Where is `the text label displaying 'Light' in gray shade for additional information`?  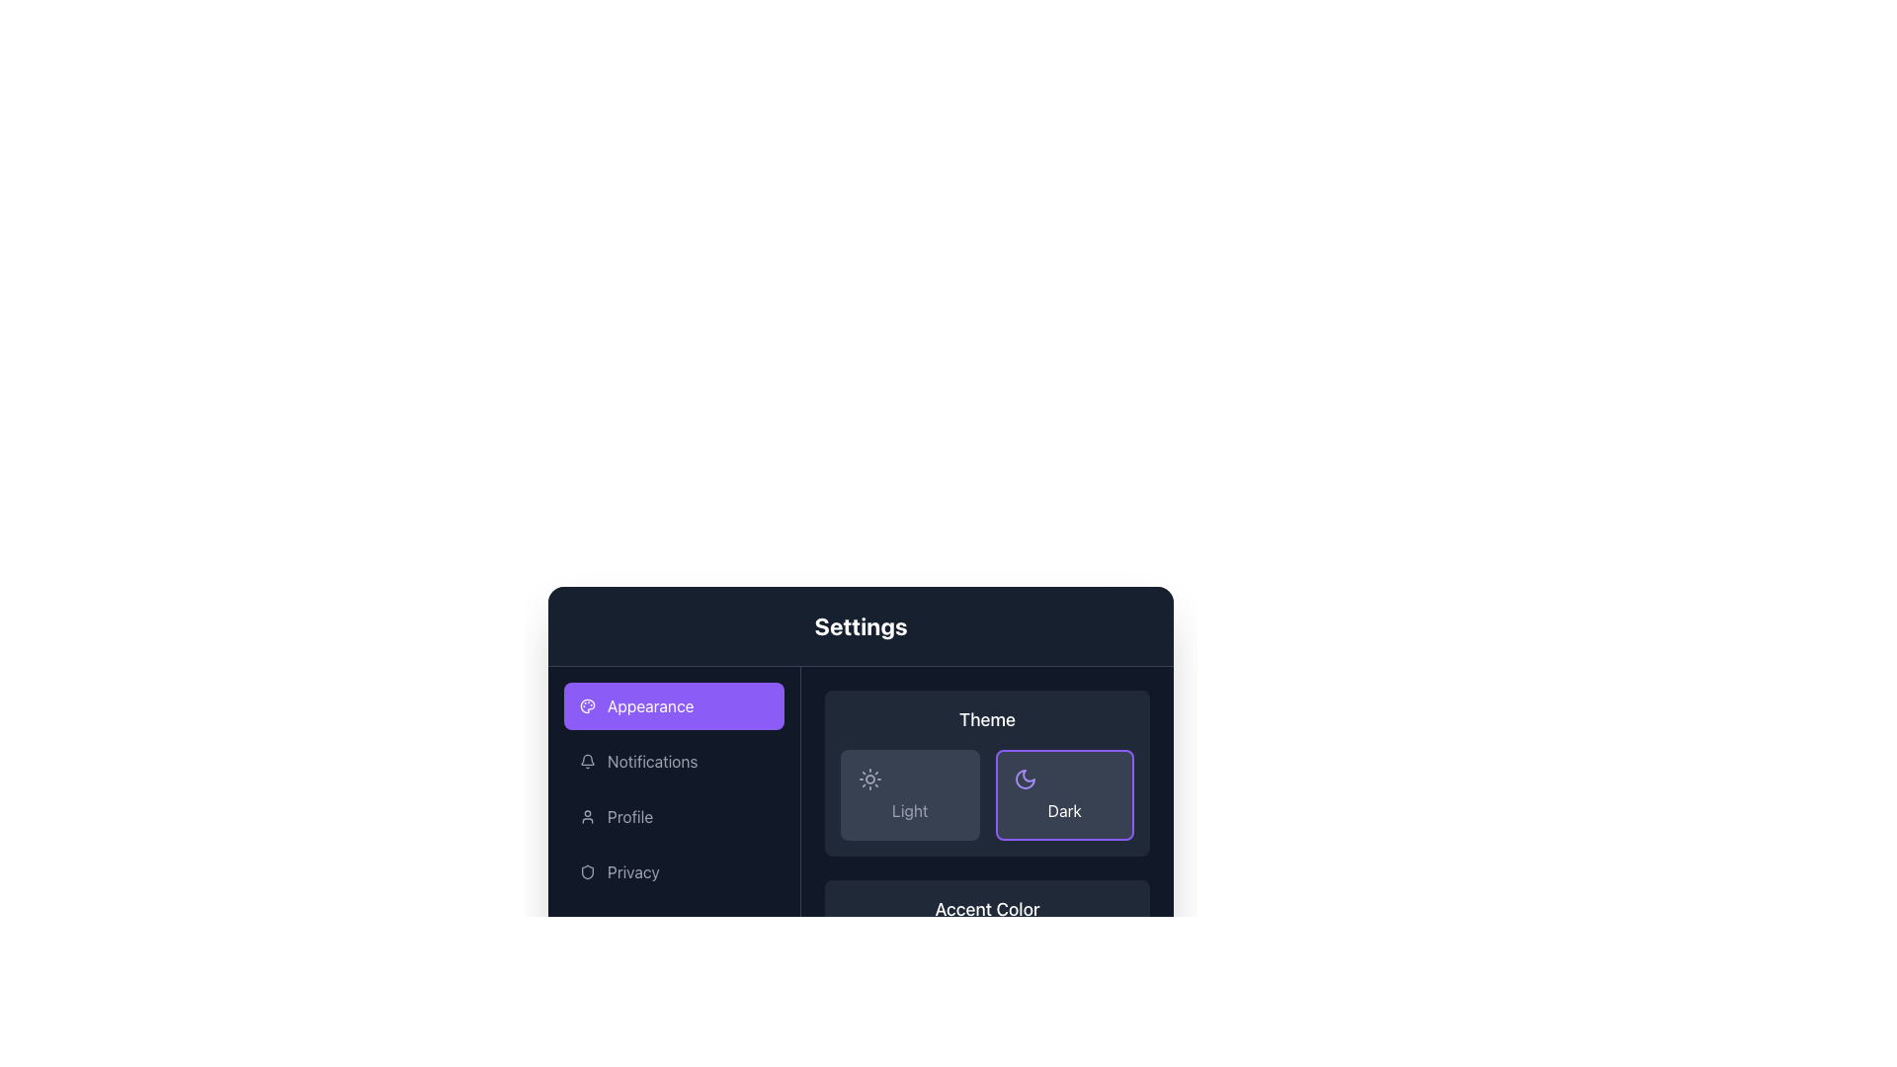 the text label displaying 'Light' in gray shade for additional information is located at coordinates (909, 811).